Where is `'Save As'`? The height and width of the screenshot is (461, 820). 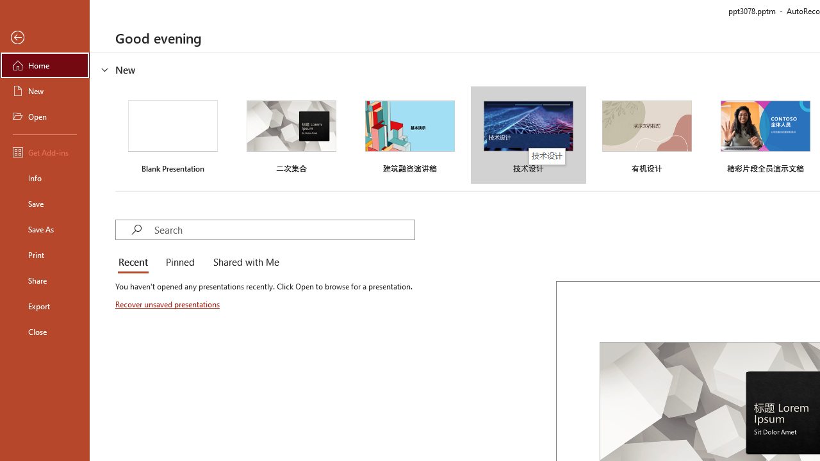
'Save As' is located at coordinates (44, 228).